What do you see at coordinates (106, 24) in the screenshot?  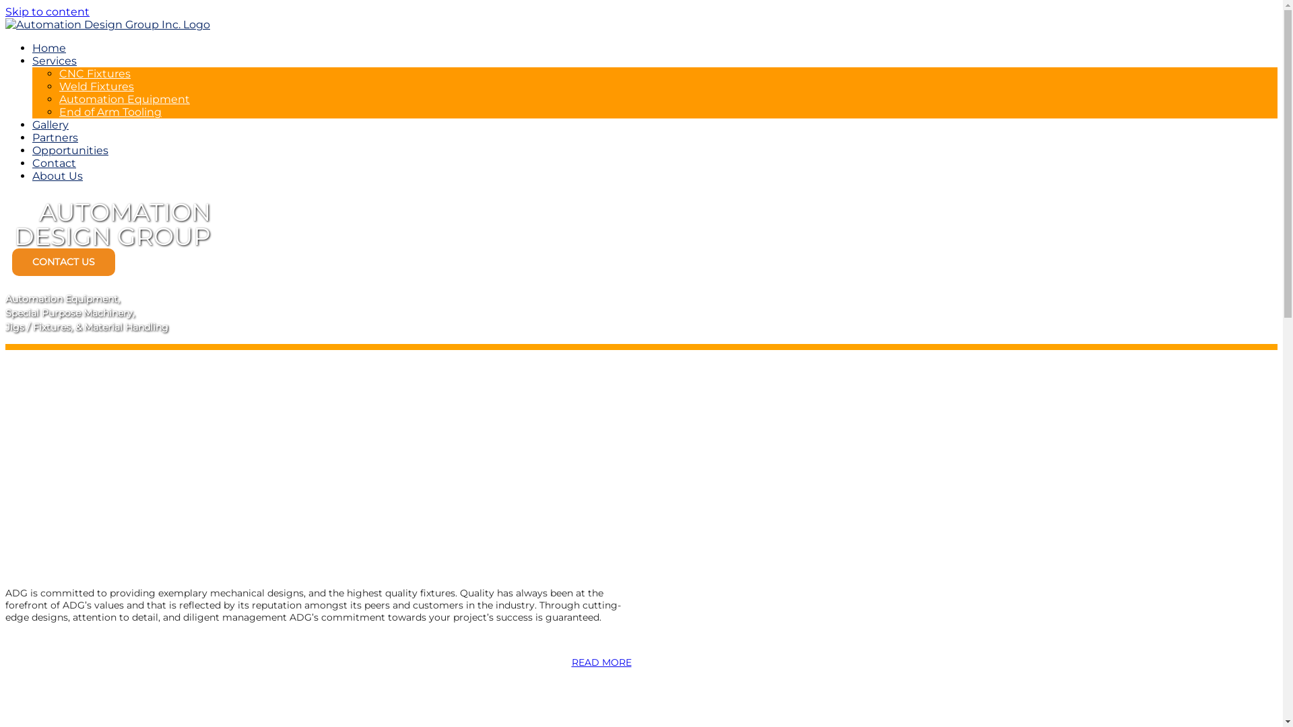 I see `'Automation Design Group Inc.'` at bounding box center [106, 24].